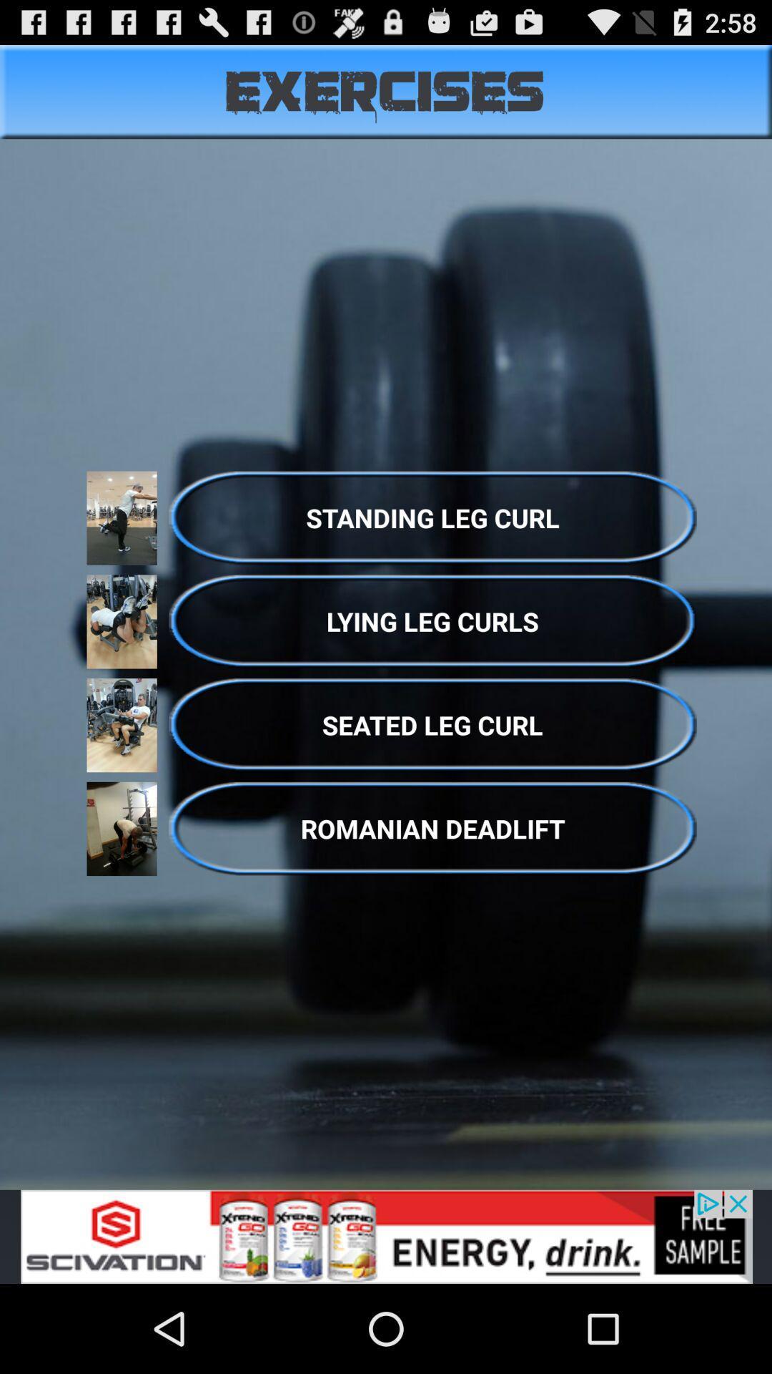  Describe the element at coordinates (386, 1236) in the screenshot. I see `advertising site` at that location.